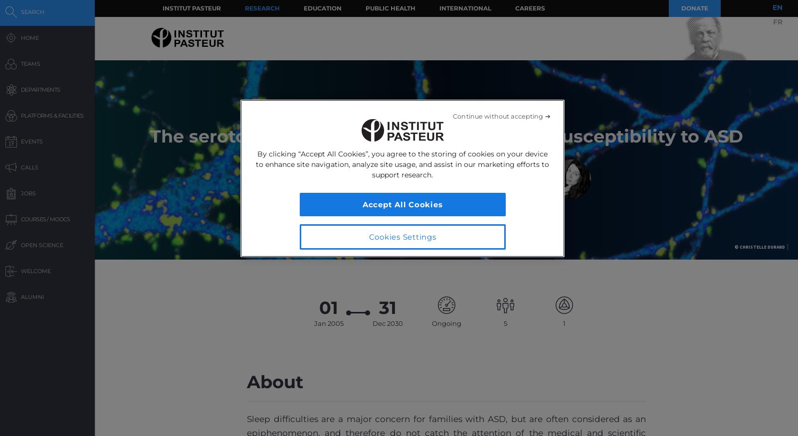 This screenshot has height=436, width=798. Describe the element at coordinates (564, 329) in the screenshot. I see `'Structures'` at that location.